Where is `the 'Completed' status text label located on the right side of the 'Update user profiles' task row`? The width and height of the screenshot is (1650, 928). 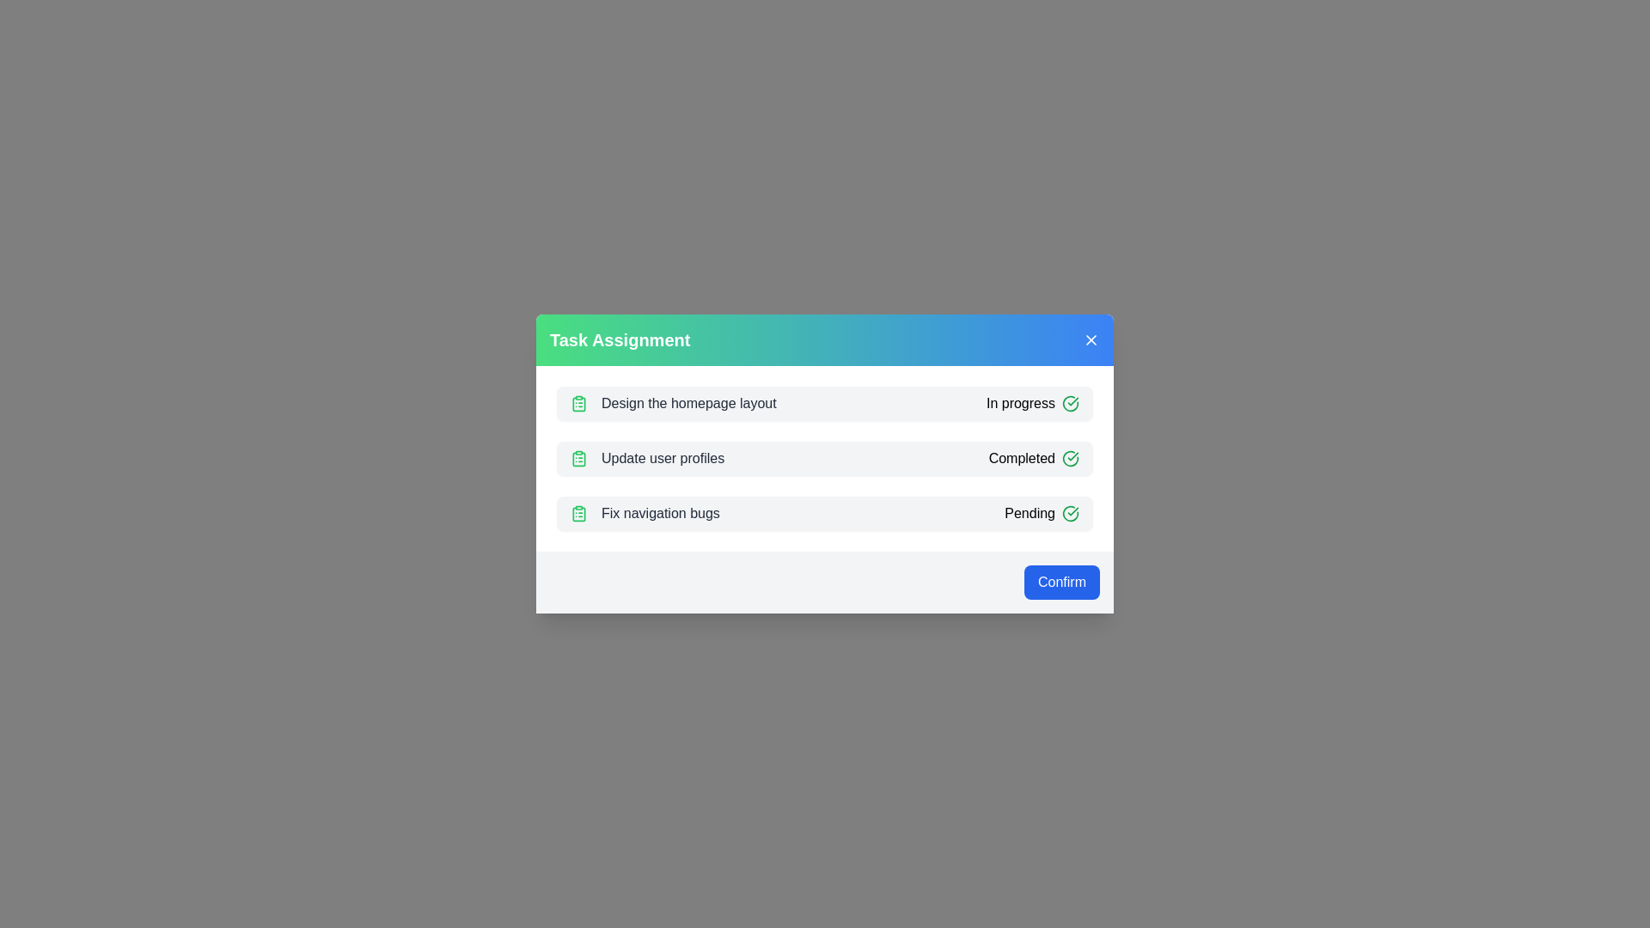
the 'Completed' status text label located on the right side of the 'Update user profiles' task row is located at coordinates (1033, 457).